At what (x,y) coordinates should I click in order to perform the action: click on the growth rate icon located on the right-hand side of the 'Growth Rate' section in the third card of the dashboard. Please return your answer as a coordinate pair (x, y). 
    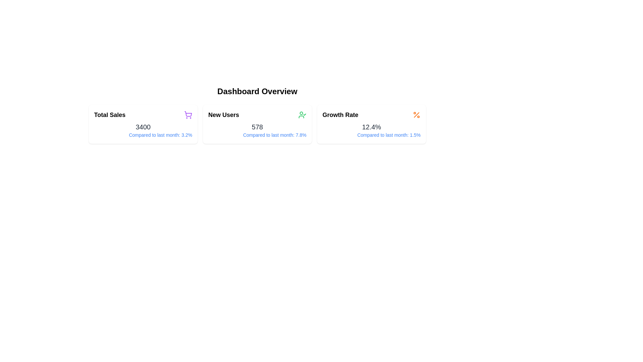
    Looking at the image, I should click on (416, 115).